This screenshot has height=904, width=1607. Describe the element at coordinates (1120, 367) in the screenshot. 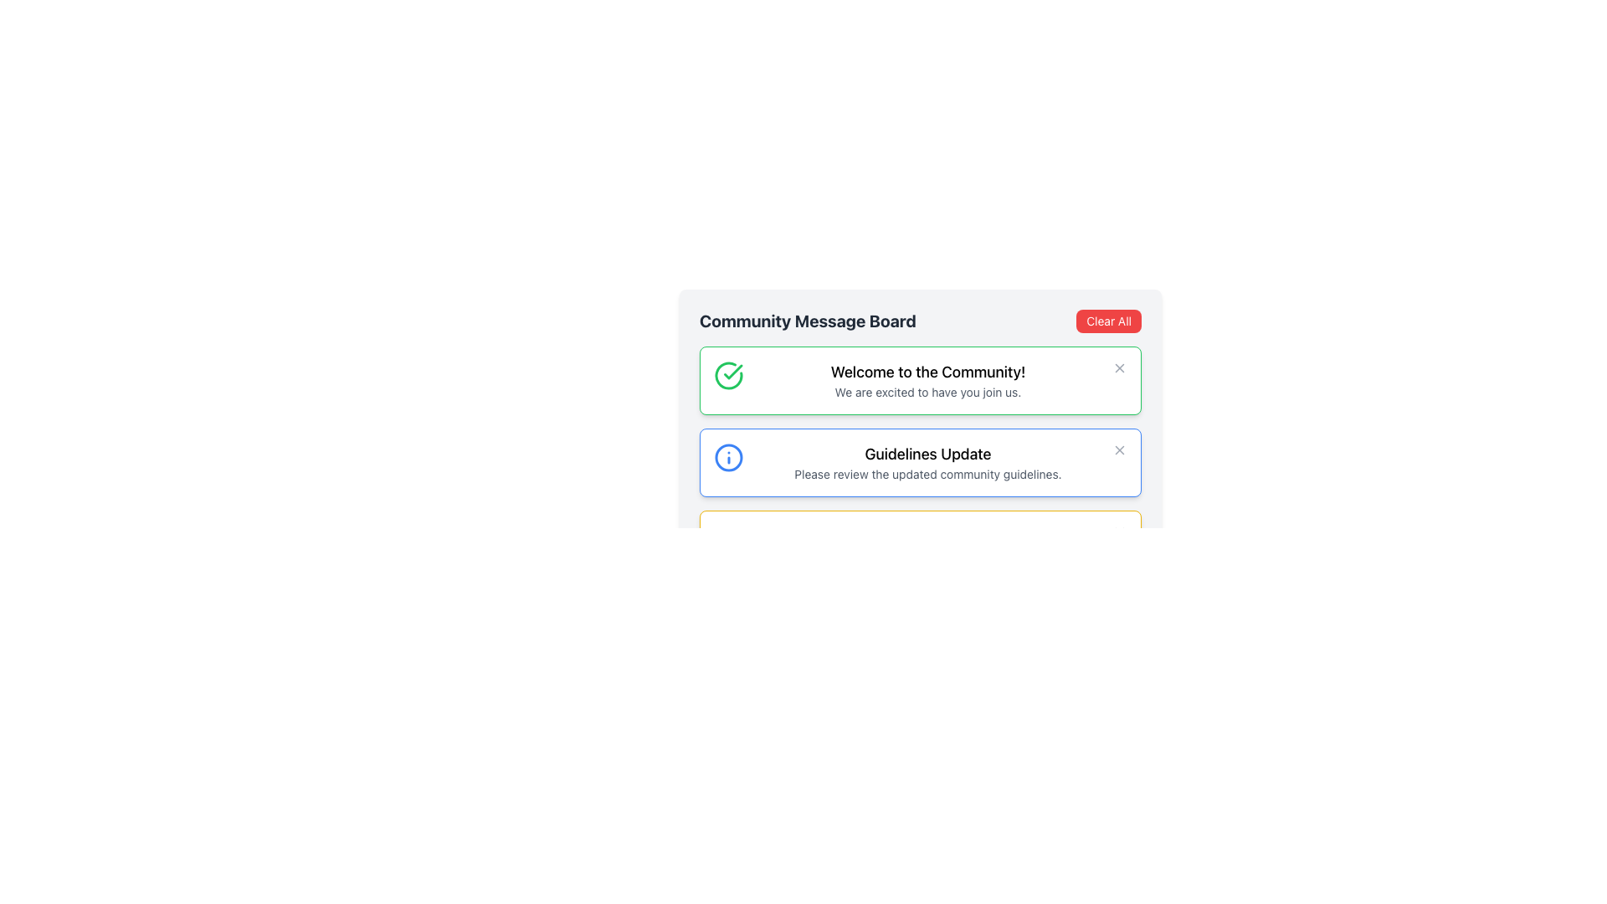

I see `the close button (small gray 'X' icon) located at the top right corner of the notification box titled 'Welcome to the Community!'` at that location.